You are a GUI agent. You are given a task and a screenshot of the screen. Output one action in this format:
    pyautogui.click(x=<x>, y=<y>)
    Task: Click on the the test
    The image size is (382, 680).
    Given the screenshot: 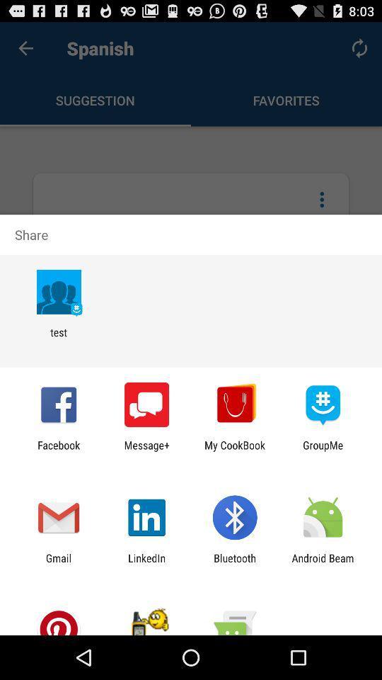 What is the action you would take?
    pyautogui.click(x=58, y=339)
    